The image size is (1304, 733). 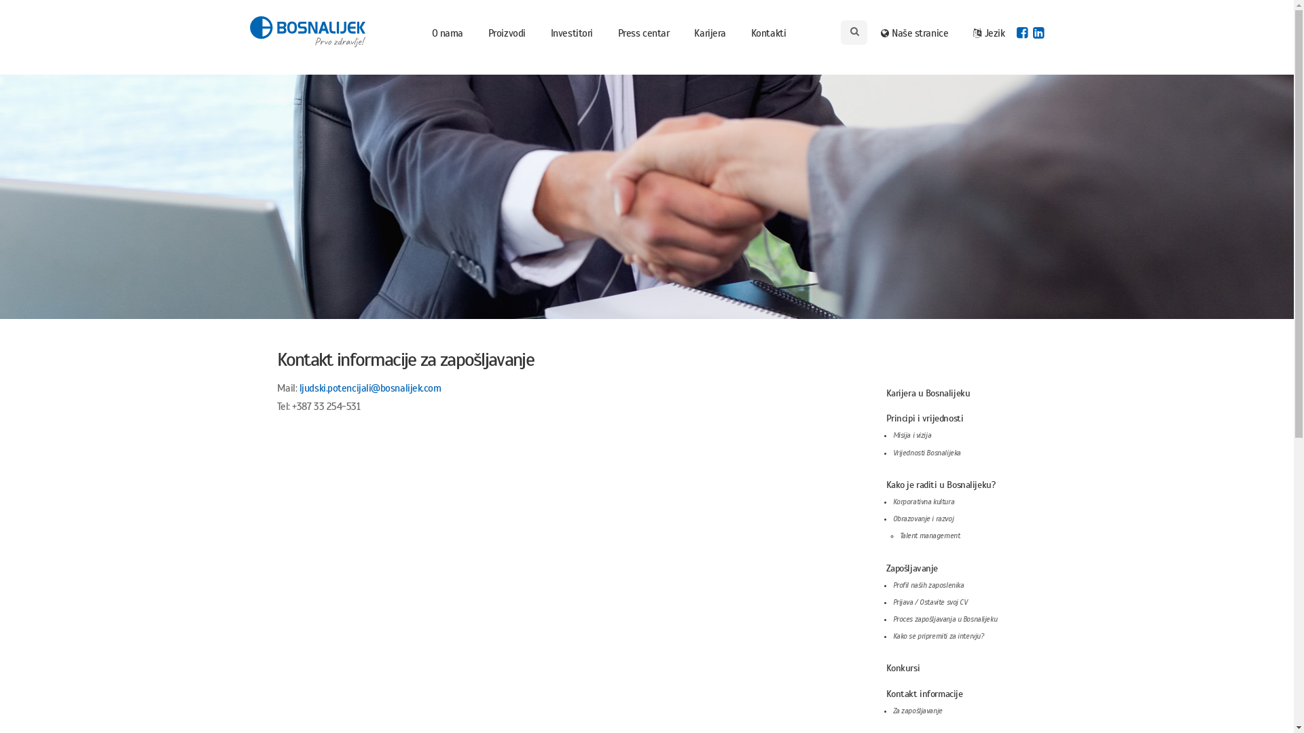 I want to click on 'Vrijednosti Bosnalijeka', so click(x=925, y=453).